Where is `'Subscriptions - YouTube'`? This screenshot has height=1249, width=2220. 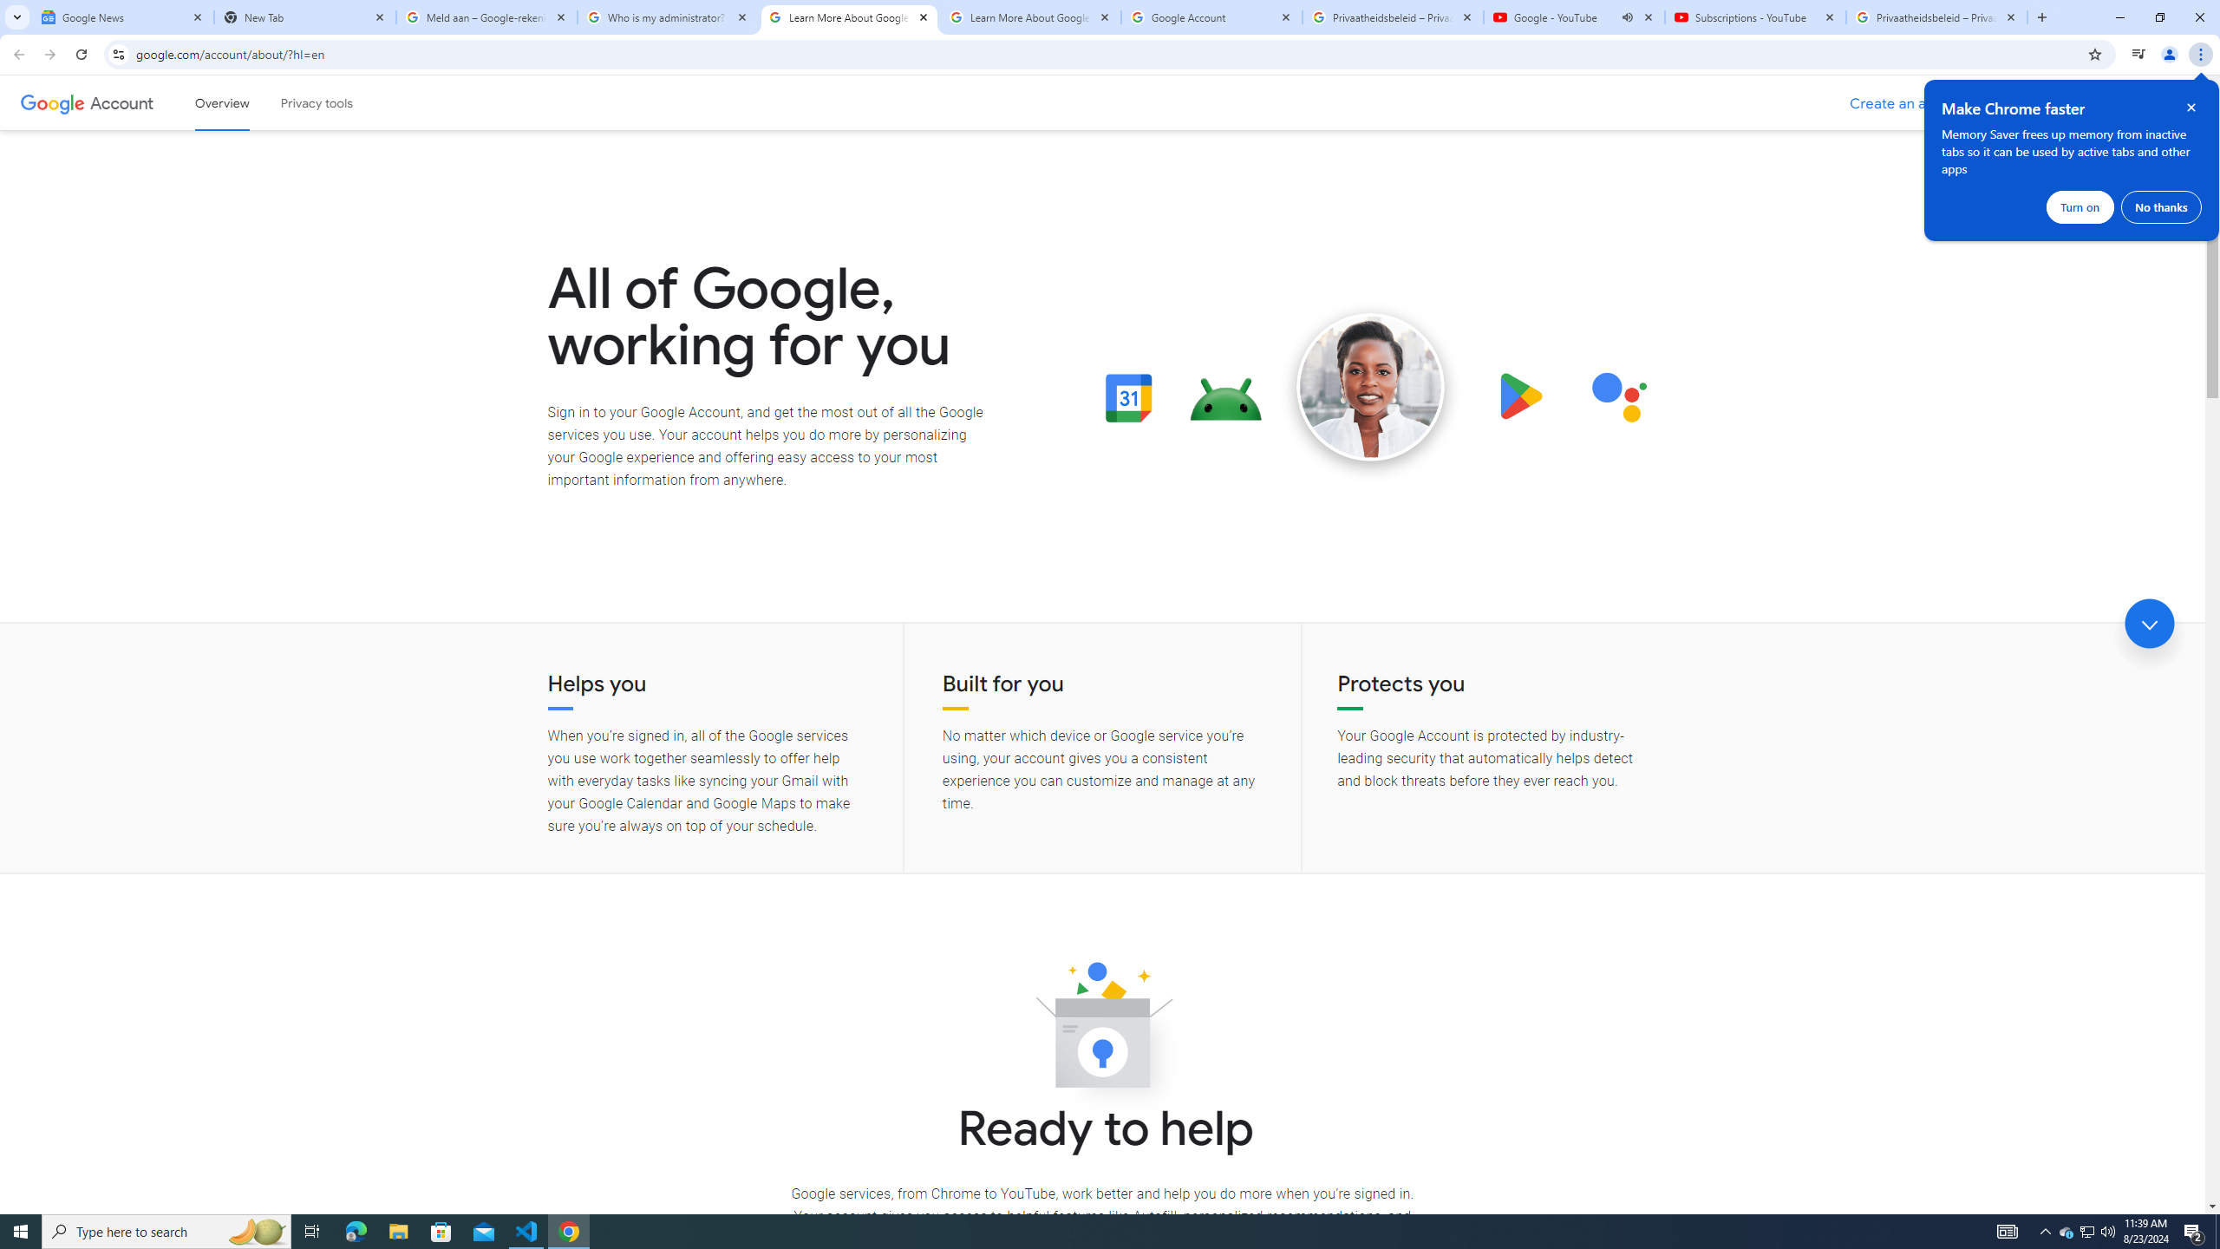 'Subscriptions - YouTube' is located at coordinates (1753, 16).